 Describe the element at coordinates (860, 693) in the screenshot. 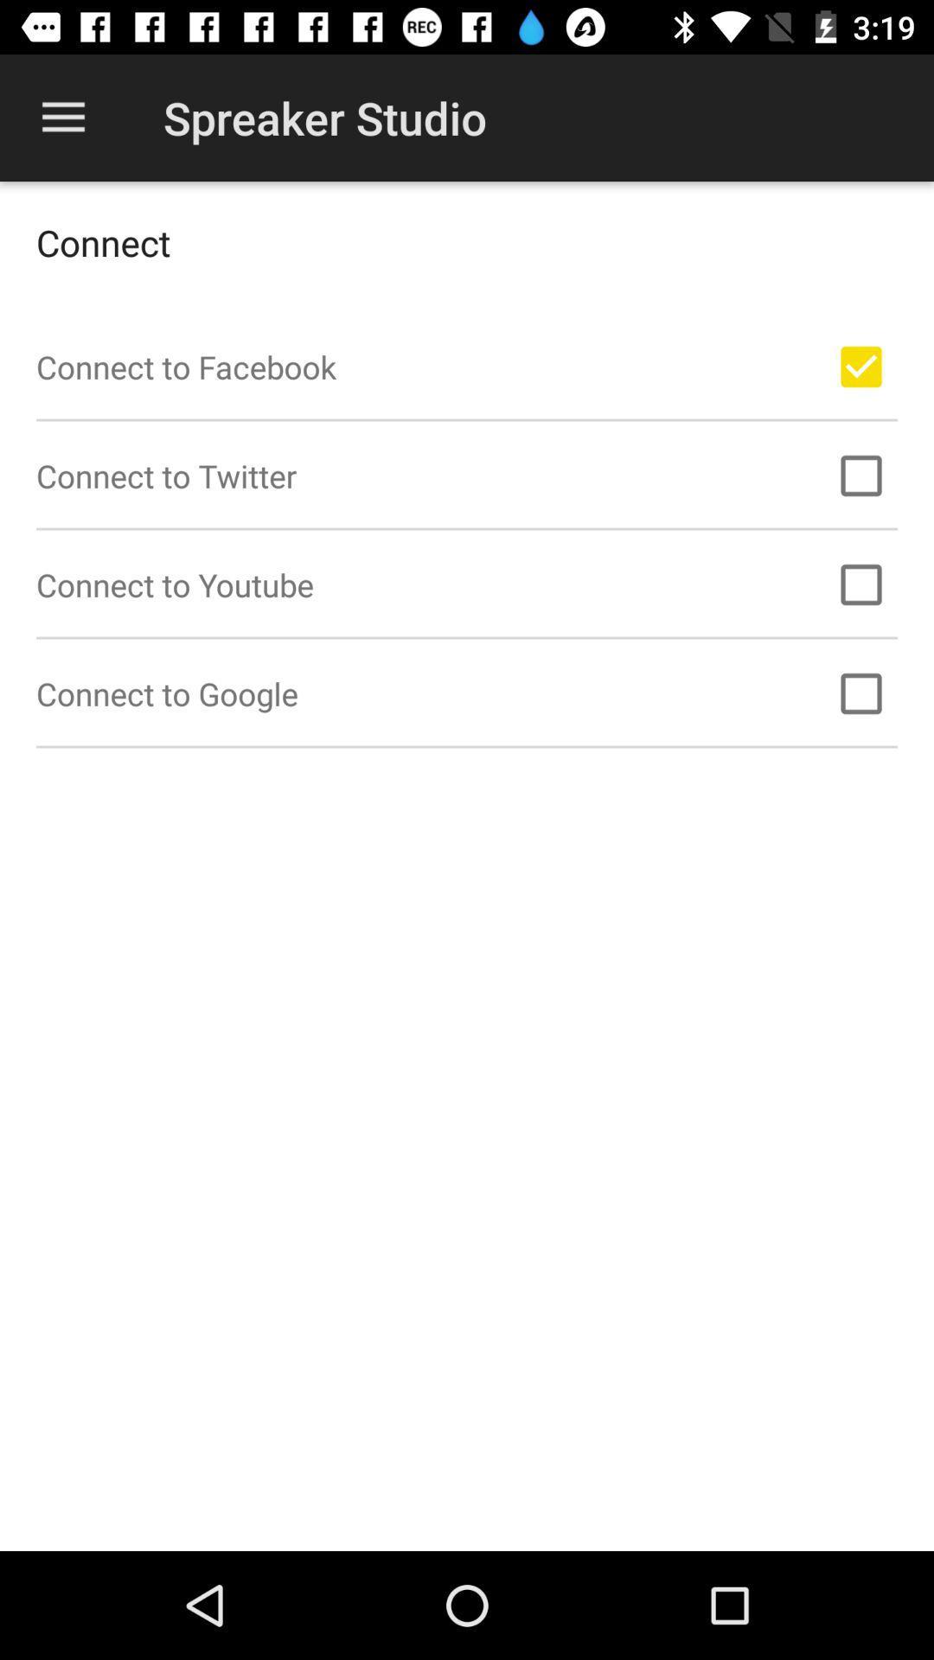

I see `connect google account` at that location.